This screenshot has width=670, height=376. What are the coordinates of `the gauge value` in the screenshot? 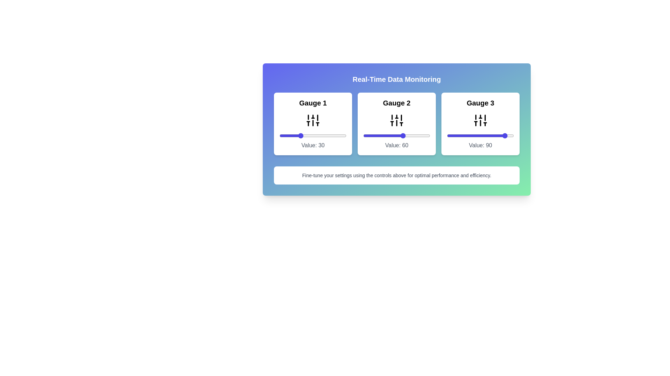 It's located at (285, 135).